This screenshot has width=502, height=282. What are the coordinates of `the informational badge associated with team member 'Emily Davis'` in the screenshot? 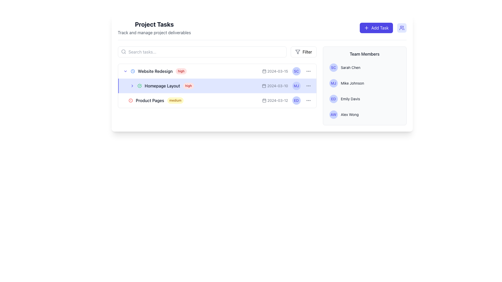 It's located at (333, 99).